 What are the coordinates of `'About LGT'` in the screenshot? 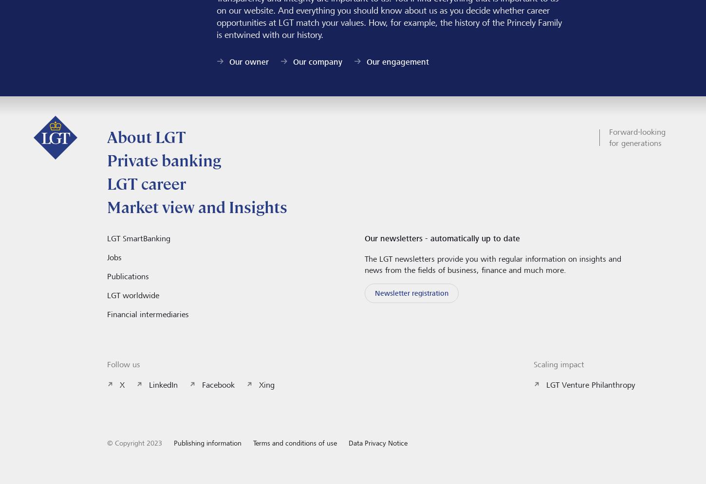 It's located at (147, 136).